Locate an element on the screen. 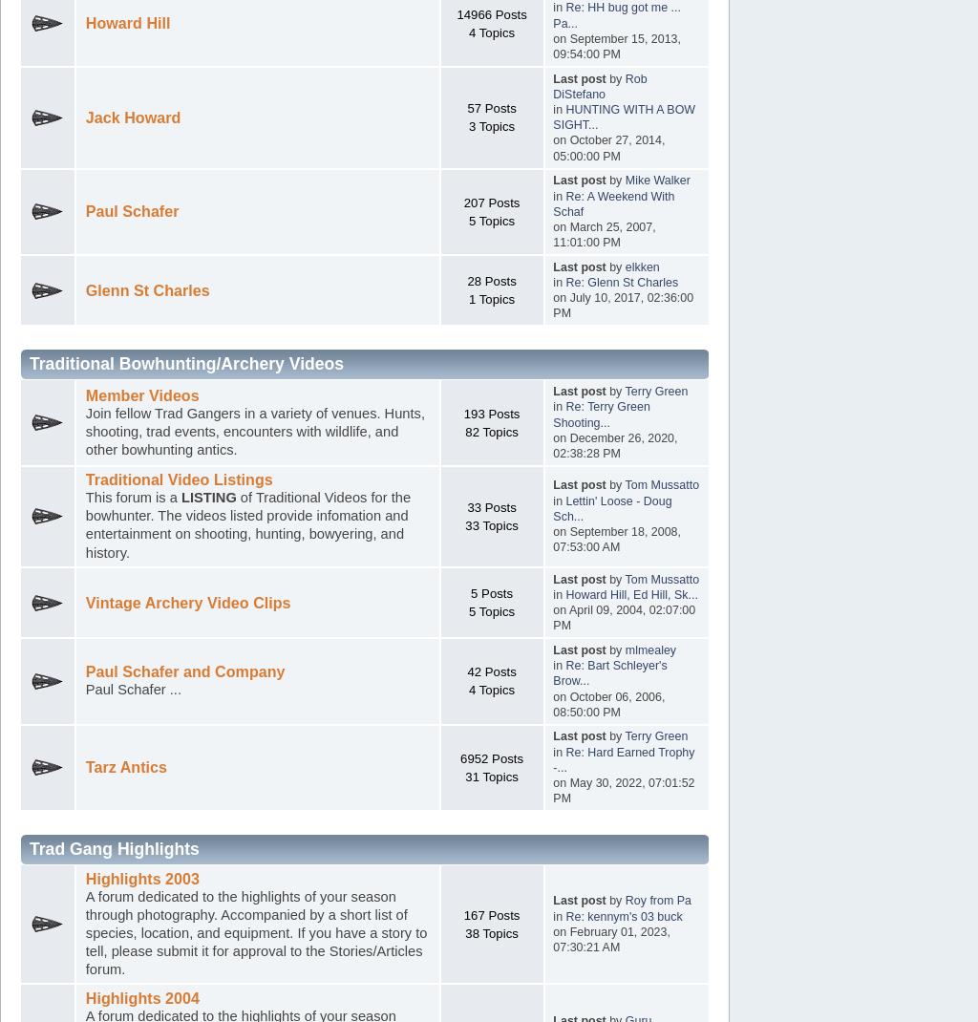 The image size is (978, 1022). 'This forum is a' is located at coordinates (131, 497).